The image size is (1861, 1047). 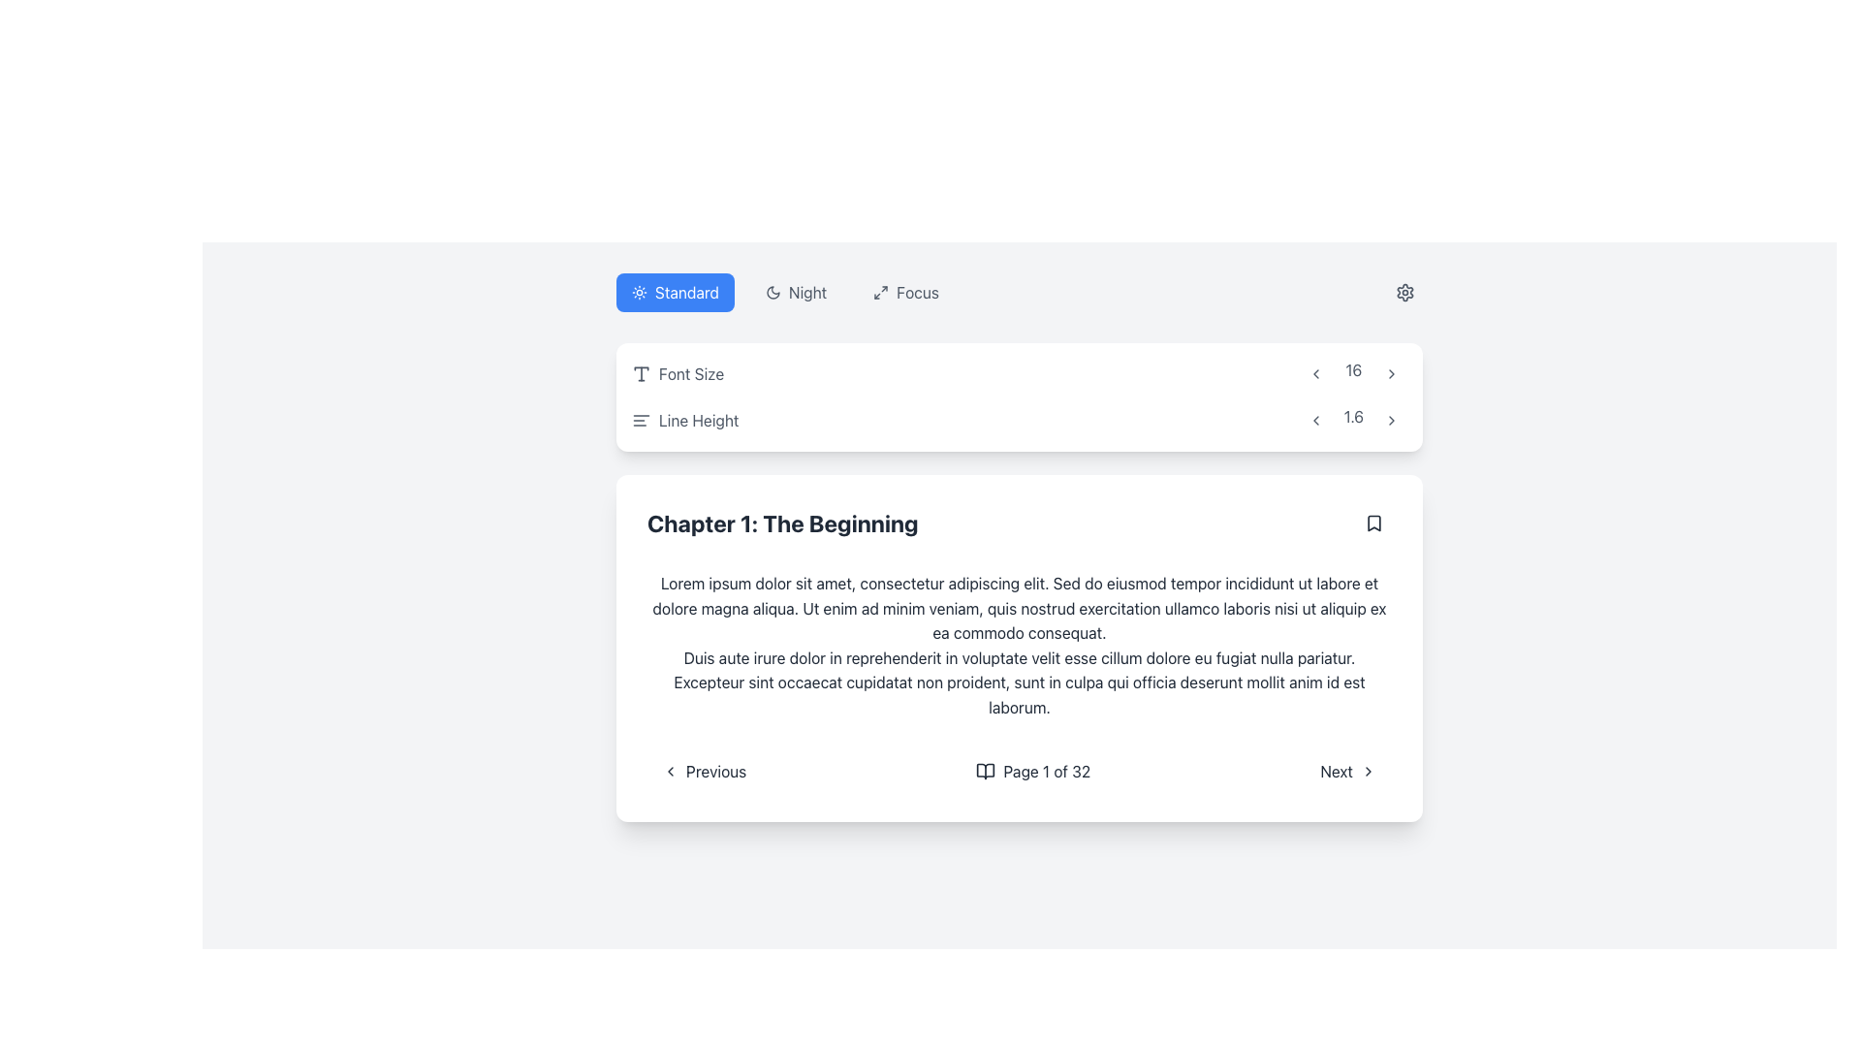 What do you see at coordinates (1404, 292) in the screenshot?
I see `the gear icon within the interactive button located at the top-right corner of the user interface to interact with it` at bounding box center [1404, 292].